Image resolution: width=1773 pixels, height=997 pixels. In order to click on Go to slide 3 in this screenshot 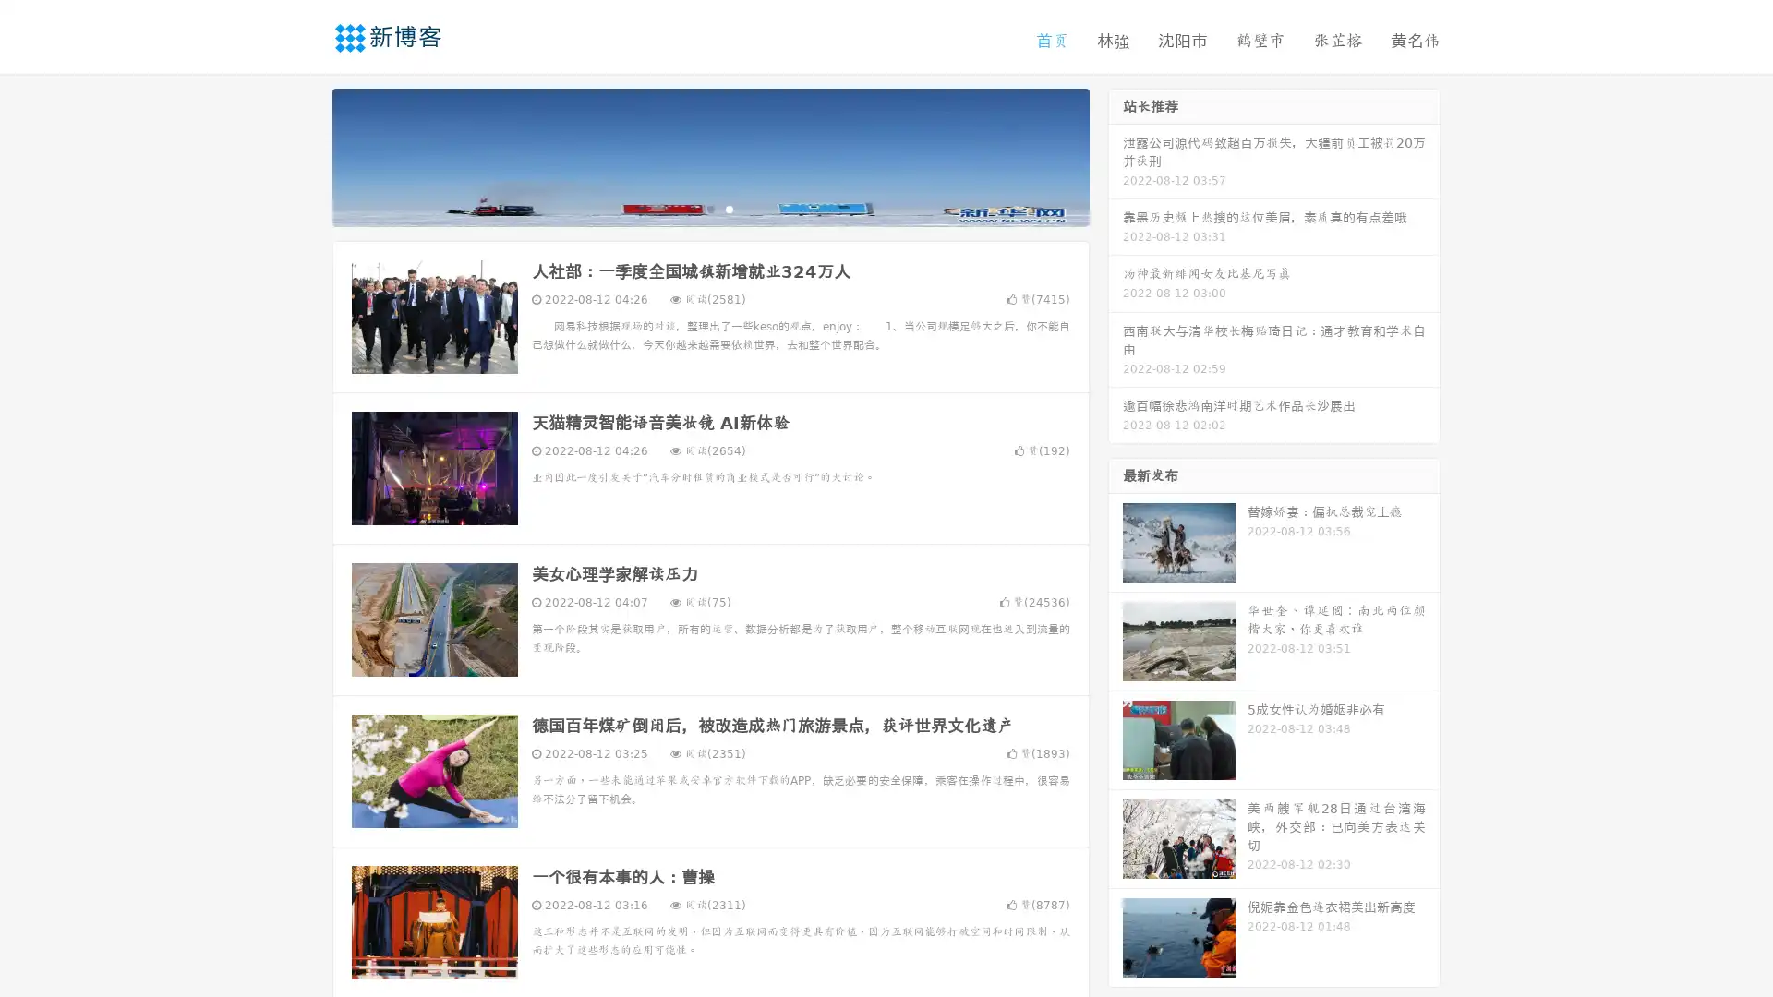, I will do `click(729, 208)`.